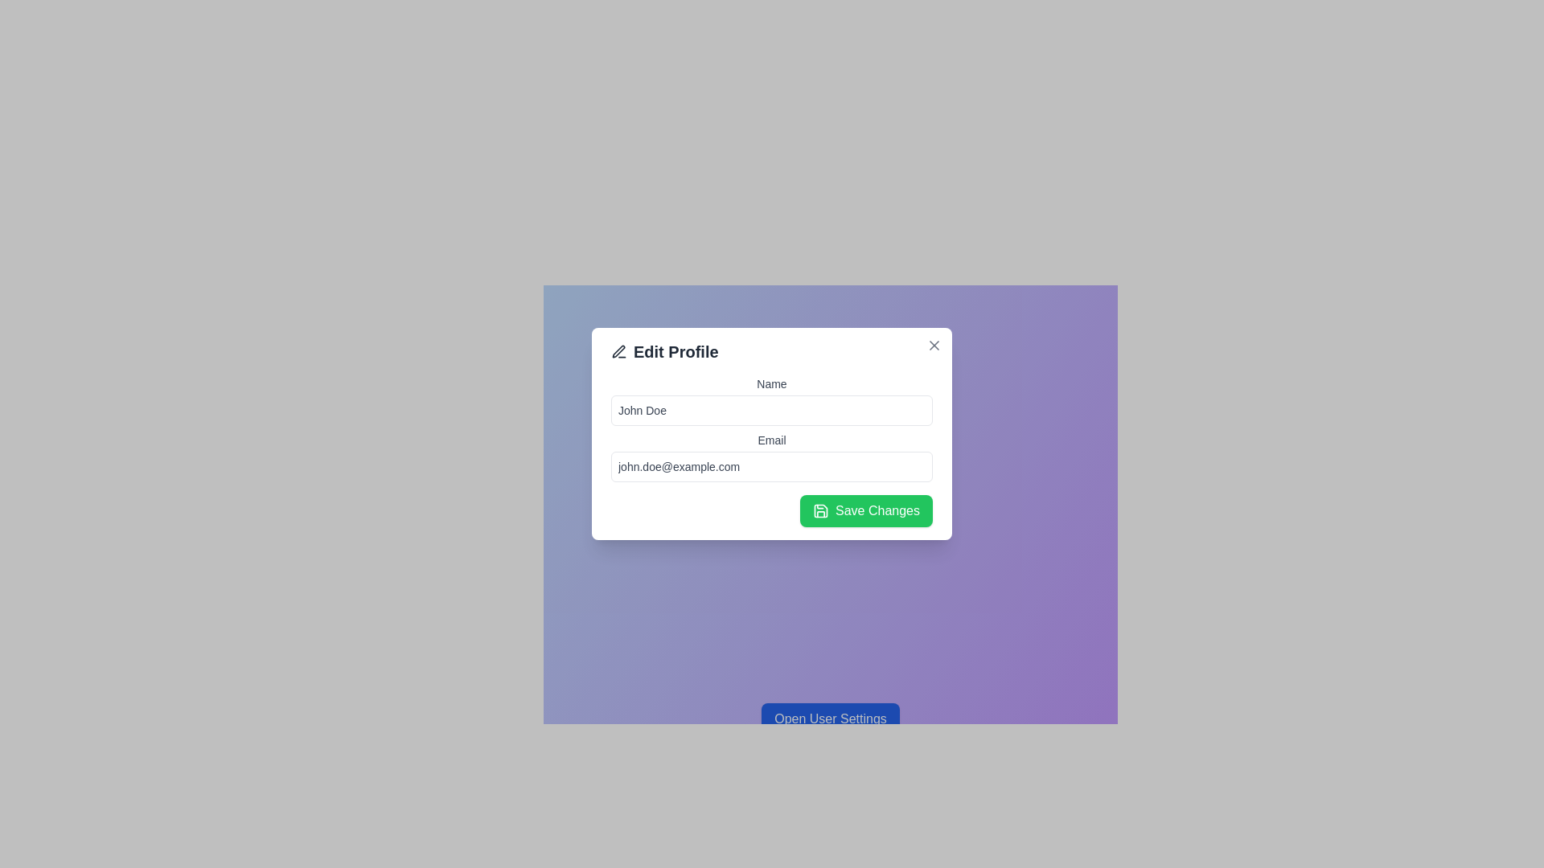  What do you see at coordinates (664, 351) in the screenshot?
I see `'Edit Profile' text label, which is styled in bold and located next to a pen icon in the upper-left corner of a dialog box for accessibility` at bounding box center [664, 351].